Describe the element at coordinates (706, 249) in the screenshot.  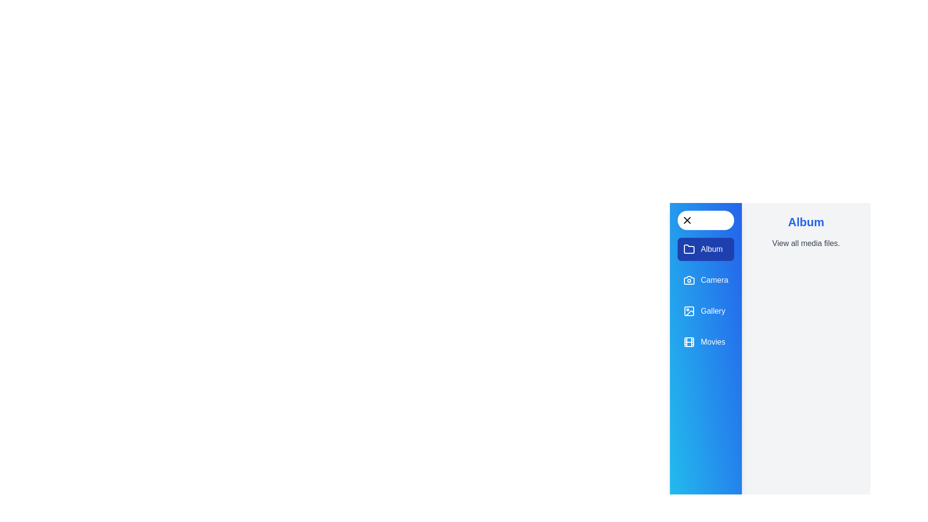
I see `the panel Album to display its description` at that location.